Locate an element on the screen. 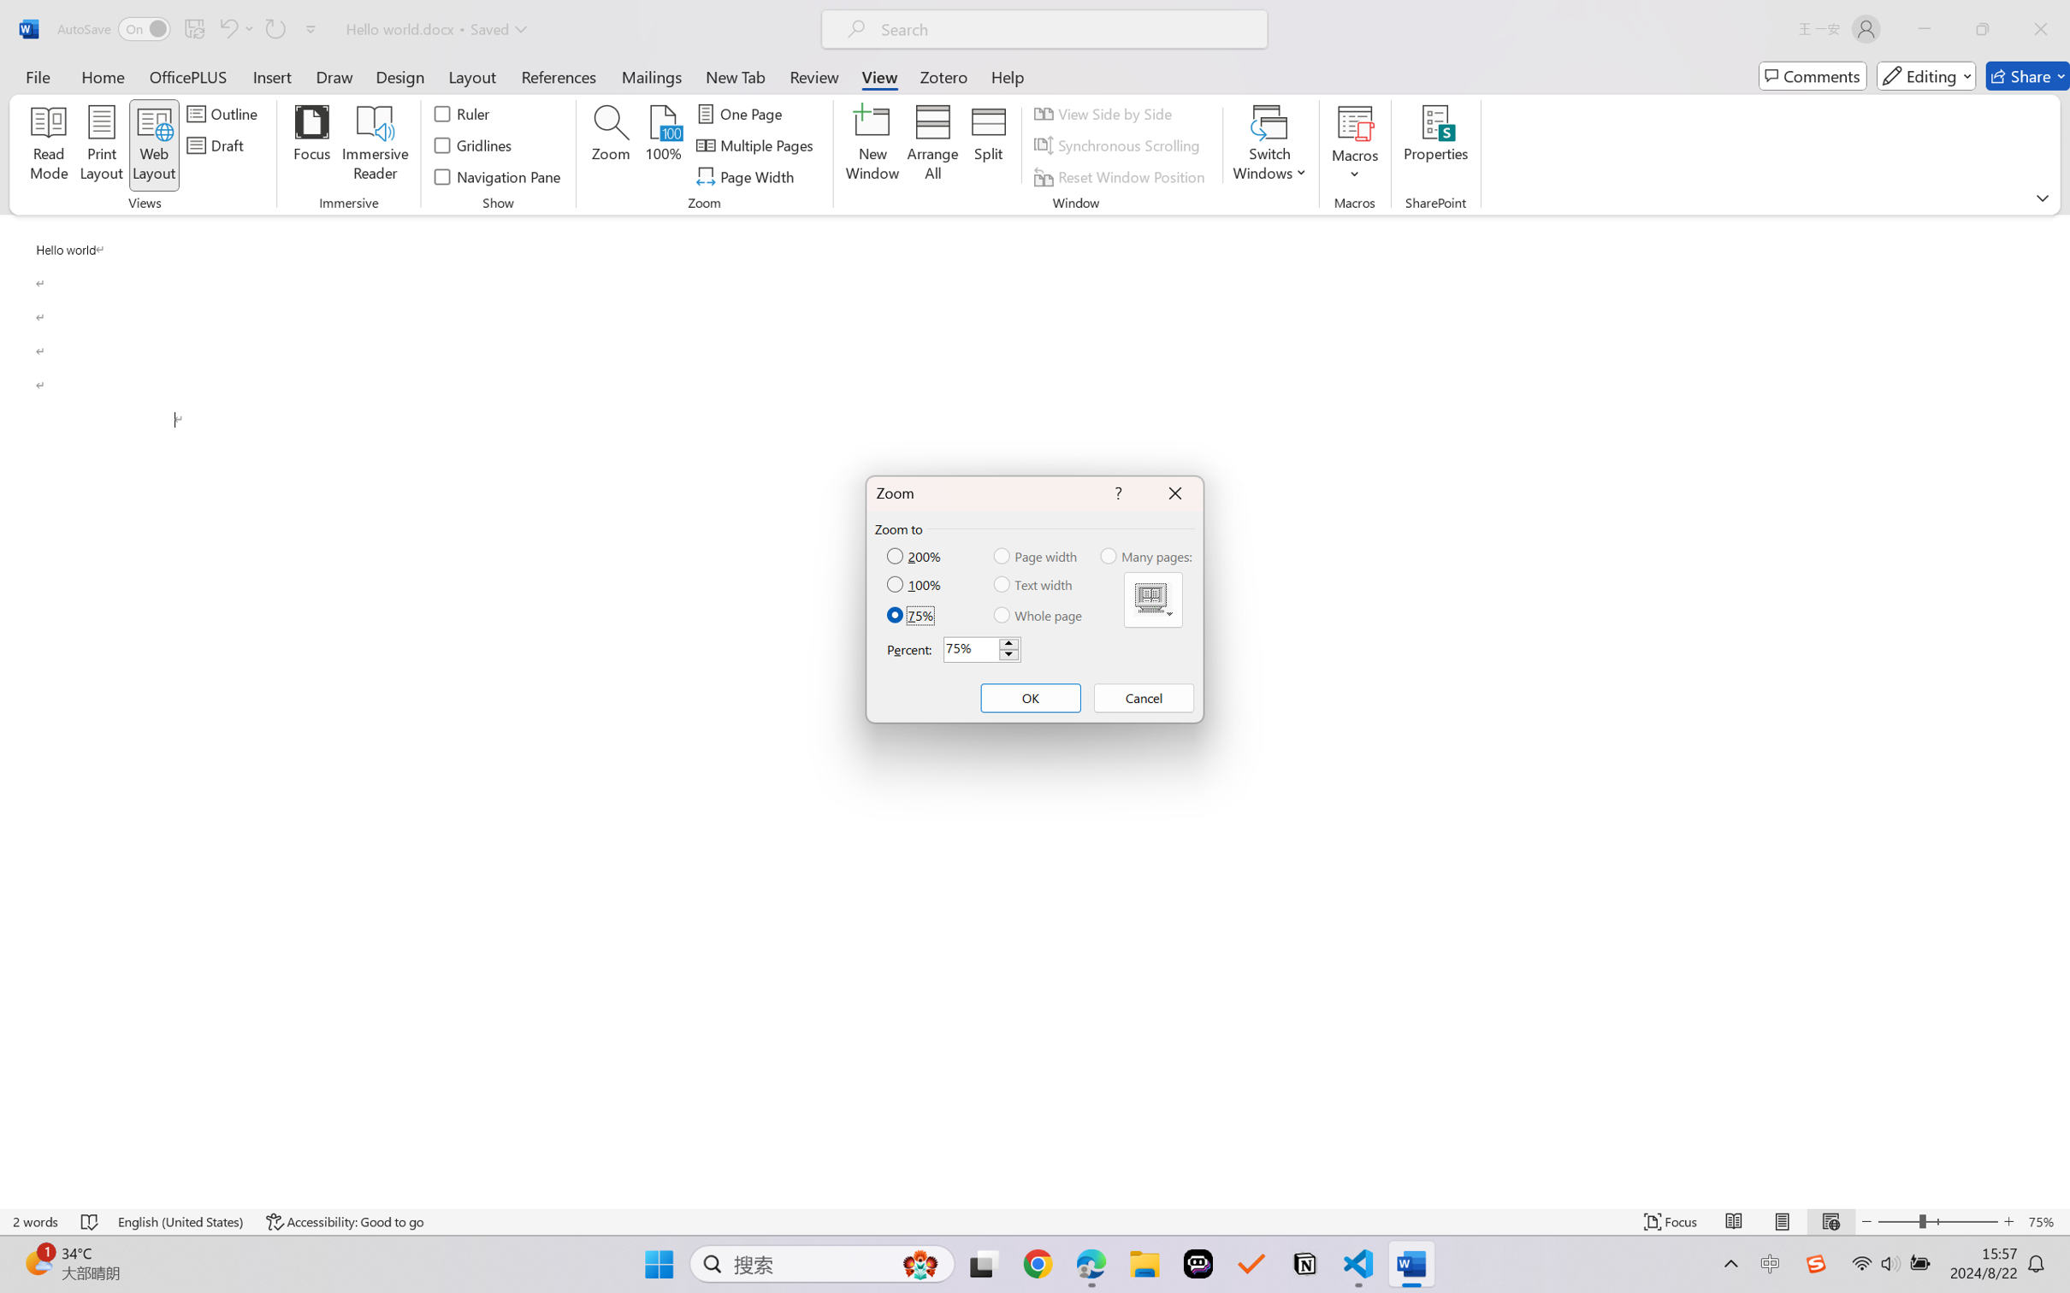  'Outline' is located at coordinates (223, 112).